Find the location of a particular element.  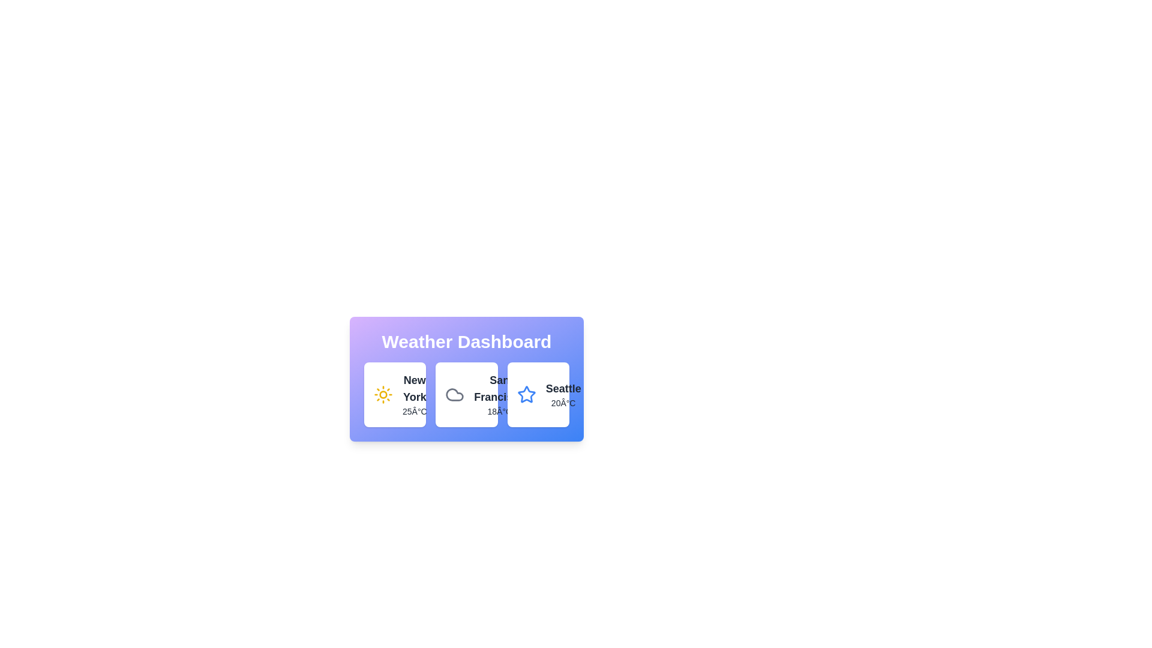

the bold, large-sized text label saying 'New York' is located at coordinates (415, 389).